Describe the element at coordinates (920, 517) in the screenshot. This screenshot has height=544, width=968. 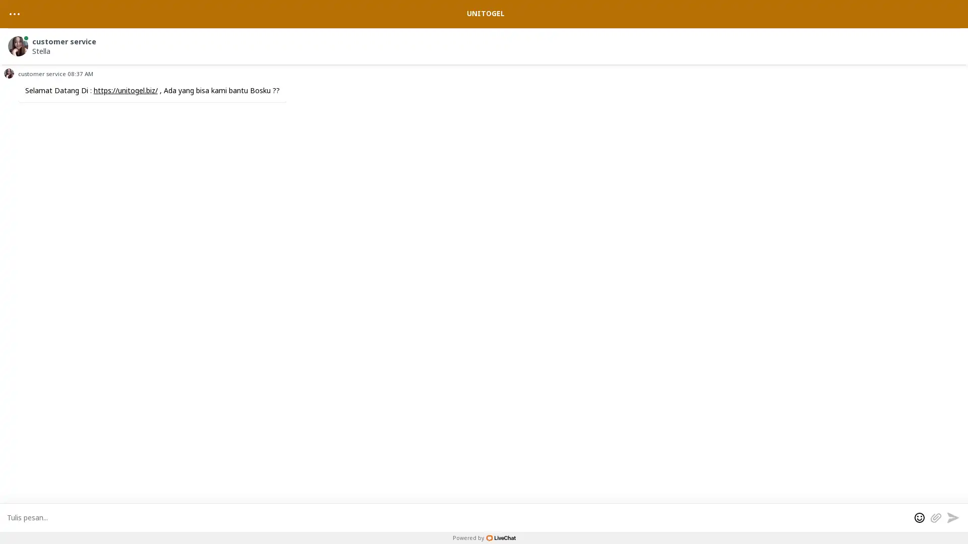
I see `open emoji picker` at that location.